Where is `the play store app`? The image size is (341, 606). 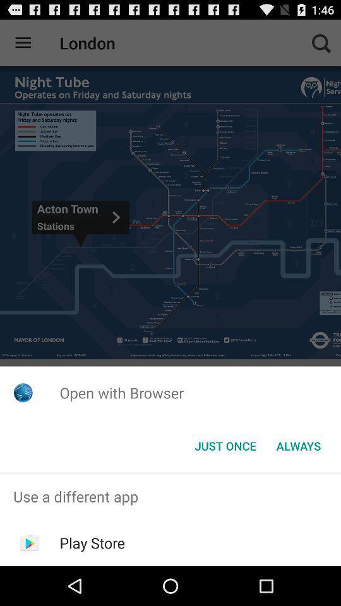 the play store app is located at coordinates (92, 542).